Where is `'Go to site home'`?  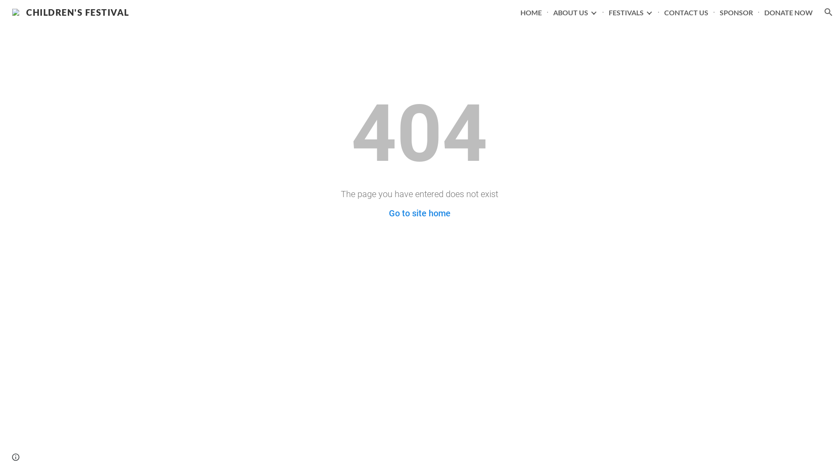
'Go to site home' is located at coordinates (419, 213).